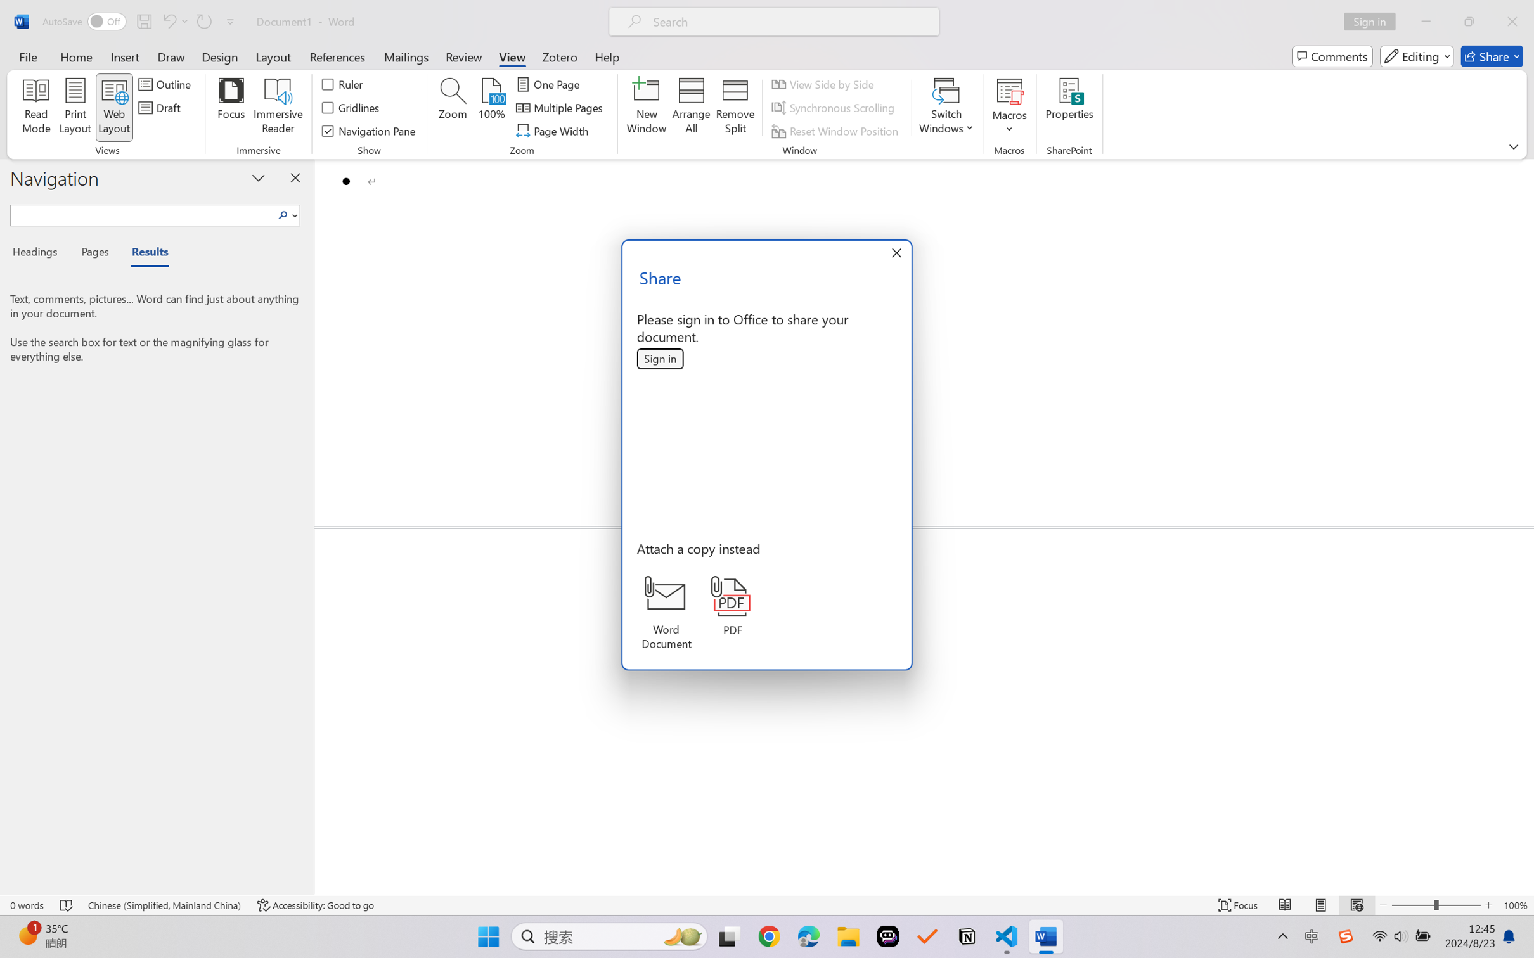 The height and width of the screenshot is (958, 1534). What do you see at coordinates (1069, 108) in the screenshot?
I see `'Properties'` at bounding box center [1069, 108].